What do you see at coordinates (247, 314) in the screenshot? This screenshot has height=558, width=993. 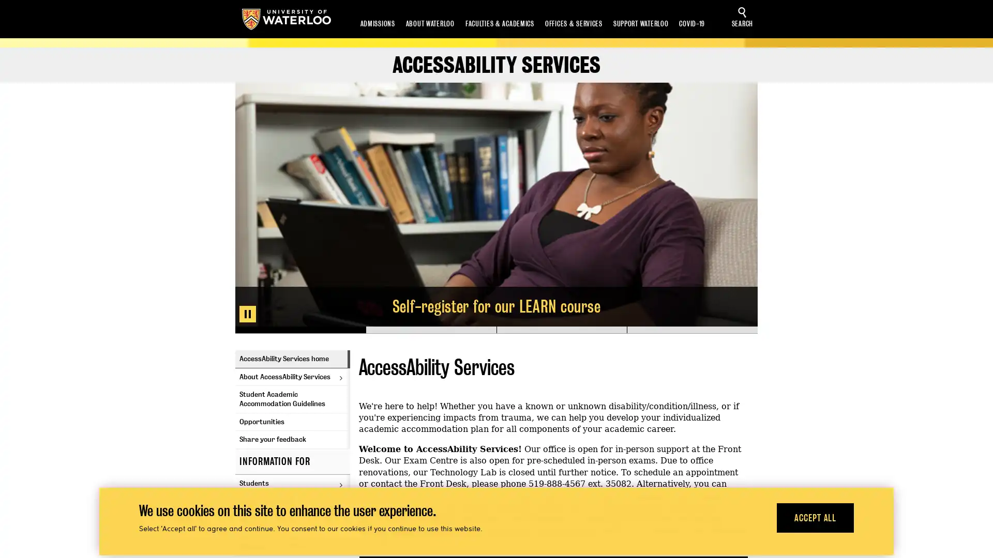 I see `PAUSE BANNER SLIDESHOW` at bounding box center [247, 314].